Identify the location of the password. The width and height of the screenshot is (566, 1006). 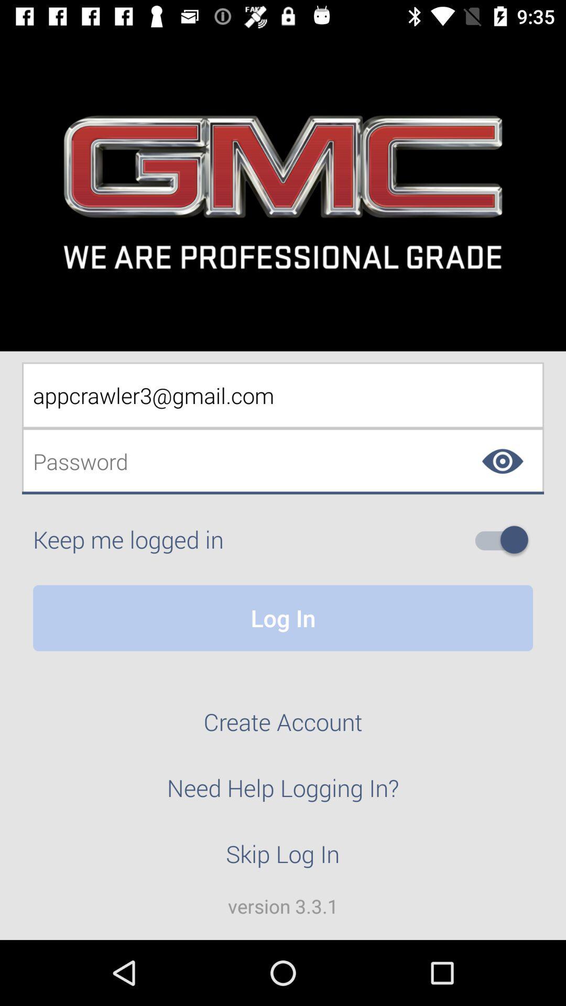
(283, 461).